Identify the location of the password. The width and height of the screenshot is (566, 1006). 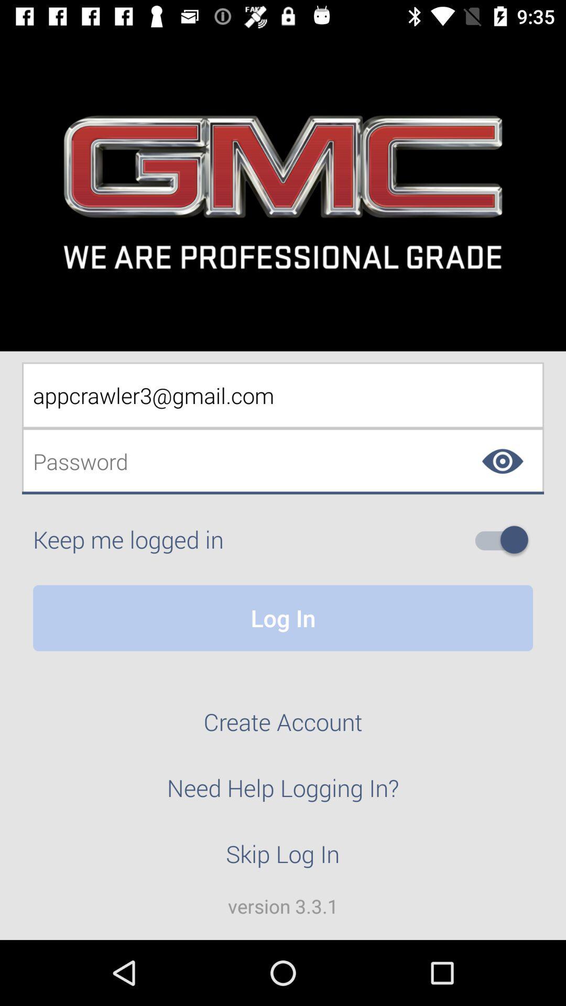
(283, 461).